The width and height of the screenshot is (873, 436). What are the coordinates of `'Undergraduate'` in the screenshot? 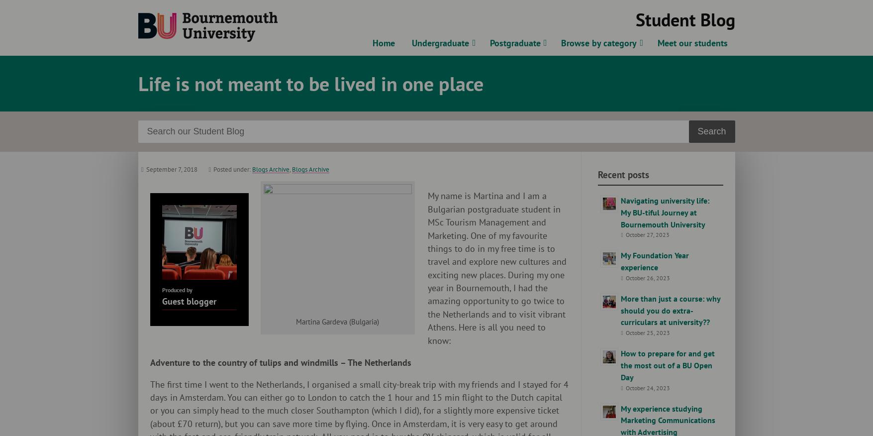 It's located at (412, 43).